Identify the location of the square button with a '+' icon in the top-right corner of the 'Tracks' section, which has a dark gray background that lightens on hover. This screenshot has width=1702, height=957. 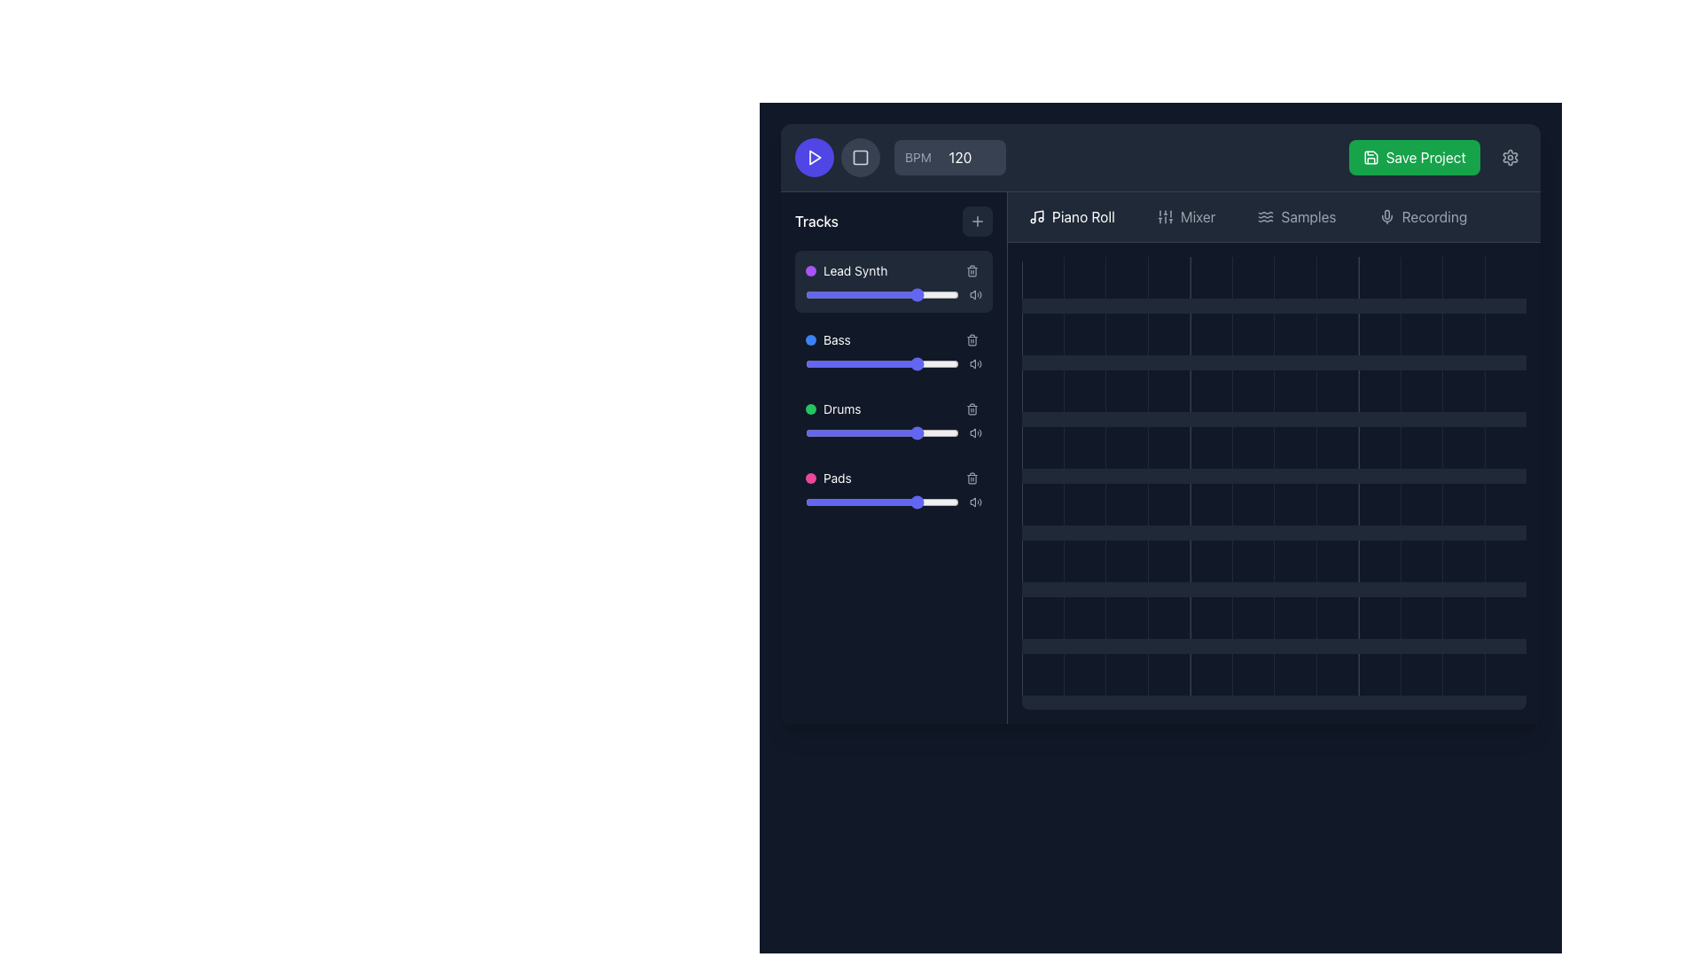
(977, 221).